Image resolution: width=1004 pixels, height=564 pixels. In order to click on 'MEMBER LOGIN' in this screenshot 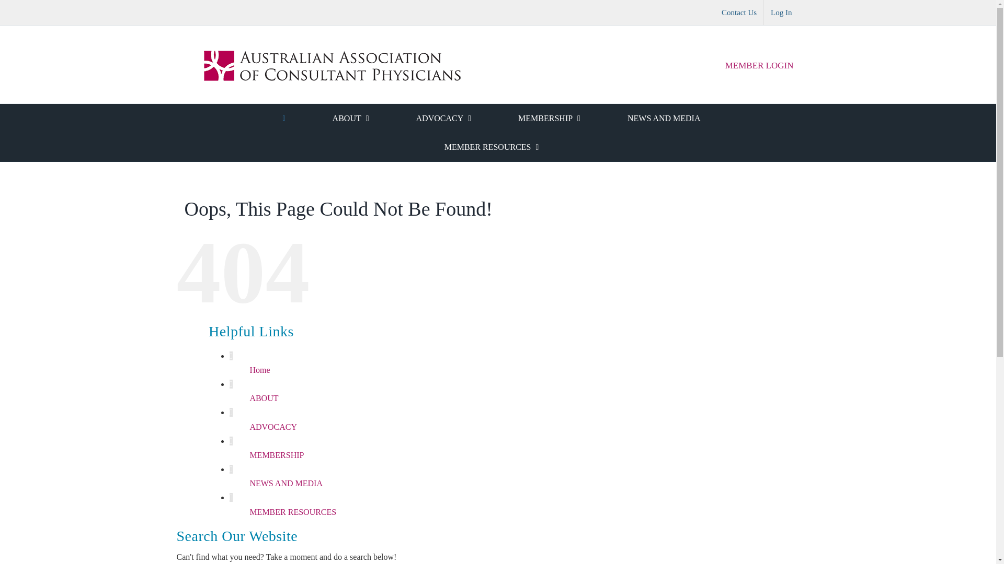, I will do `click(759, 66)`.